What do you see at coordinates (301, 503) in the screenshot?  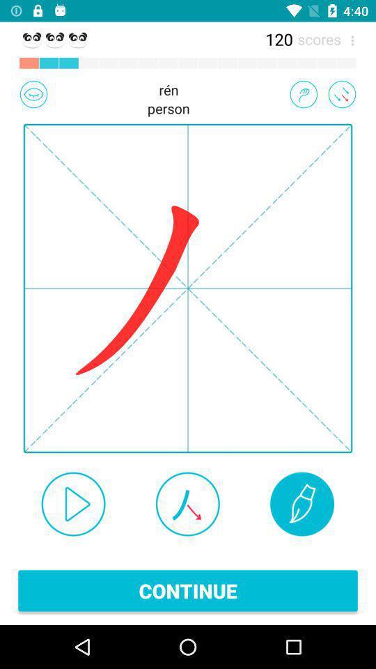 I see `the icon above continue item` at bounding box center [301, 503].